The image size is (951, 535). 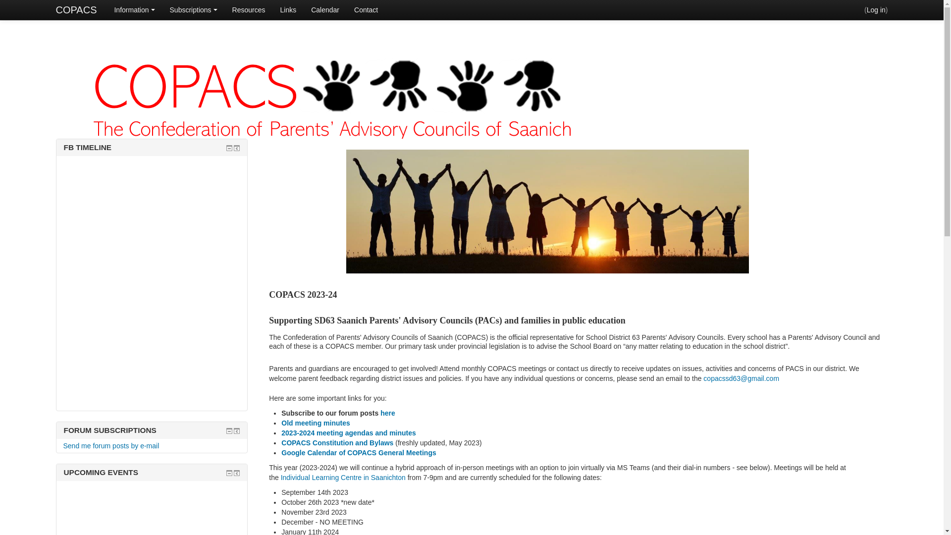 What do you see at coordinates (224, 9) in the screenshot?
I see `'Resources'` at bounding box center [224, 9].